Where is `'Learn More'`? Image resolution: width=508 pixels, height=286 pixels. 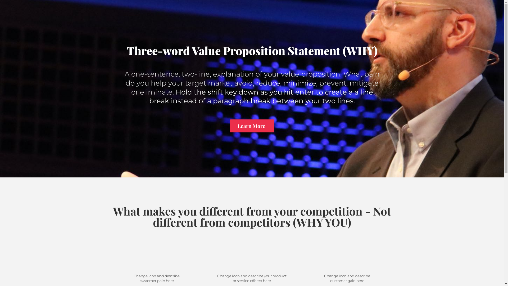 'Learn More' is located at coordinates (252, 126).